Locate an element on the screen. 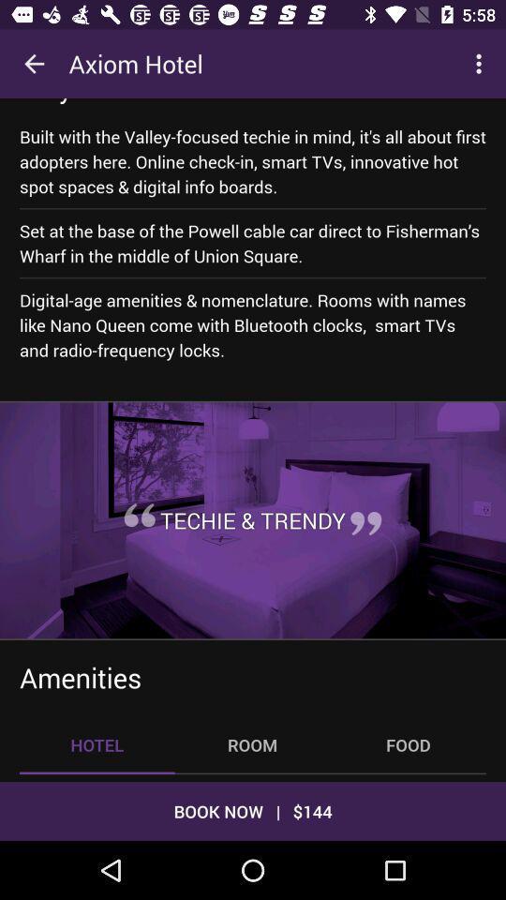 Image resolution: width=506 pixels, height=900 pixels. the item on the left is located at coordinates (139, 515).